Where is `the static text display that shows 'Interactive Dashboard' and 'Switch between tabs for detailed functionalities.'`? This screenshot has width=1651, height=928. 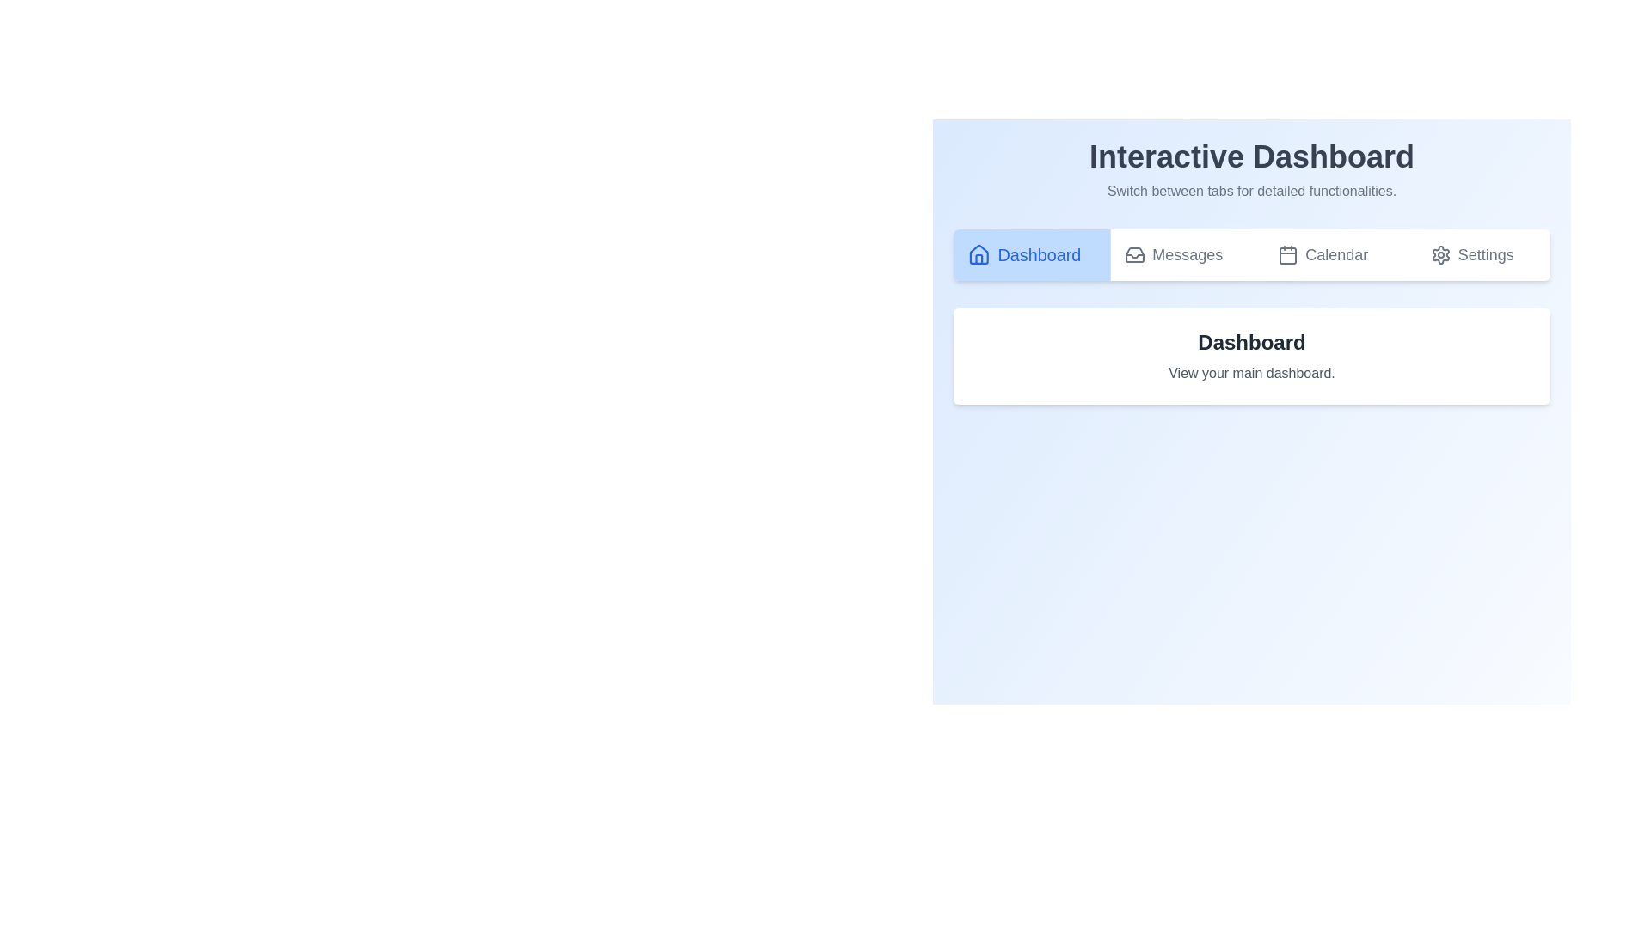 the static text display that shows 'Interactive Dashboard' and 'Switch between tabs for detailed functionalities.' is located at coordinates (1251, 171).